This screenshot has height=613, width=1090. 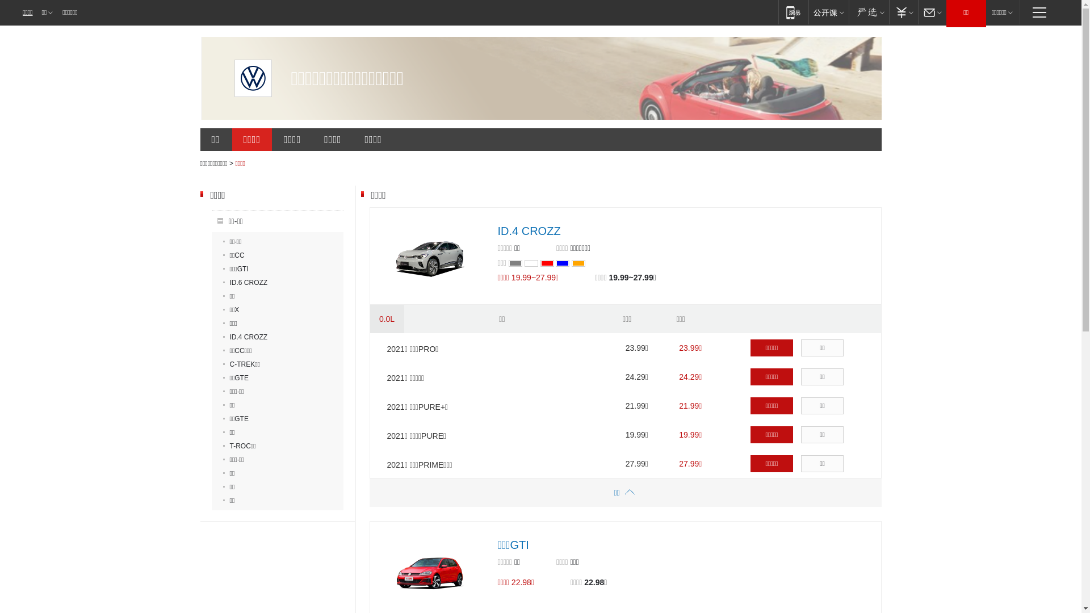 What do you see at coordinates (244, 337) in the screenshot?
I see `'ID.4 CROZZ'` at bounding box center [244, 337].